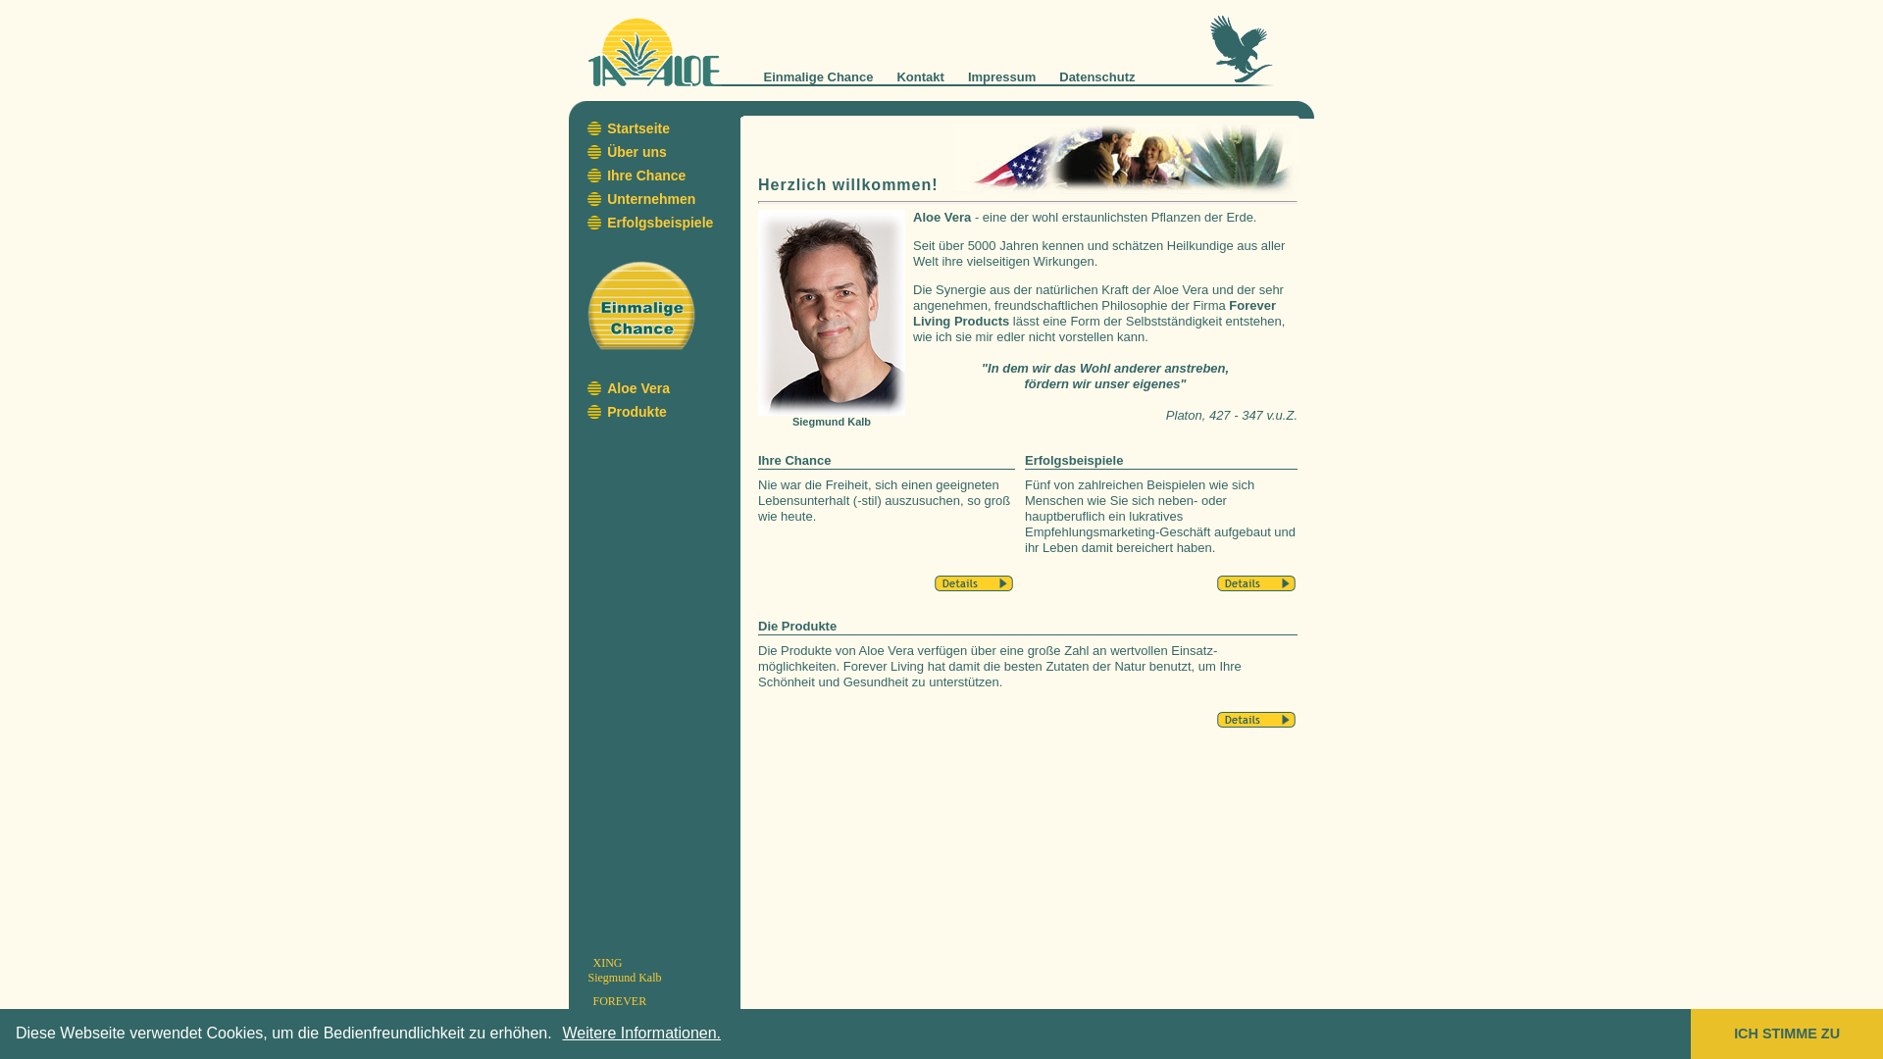 This screenshot has width=1883, height=1059. What do you see at coordinates (638, 388) in the screenshot?
I see `'Aloe Vera'` at bounding box center [638, 388].